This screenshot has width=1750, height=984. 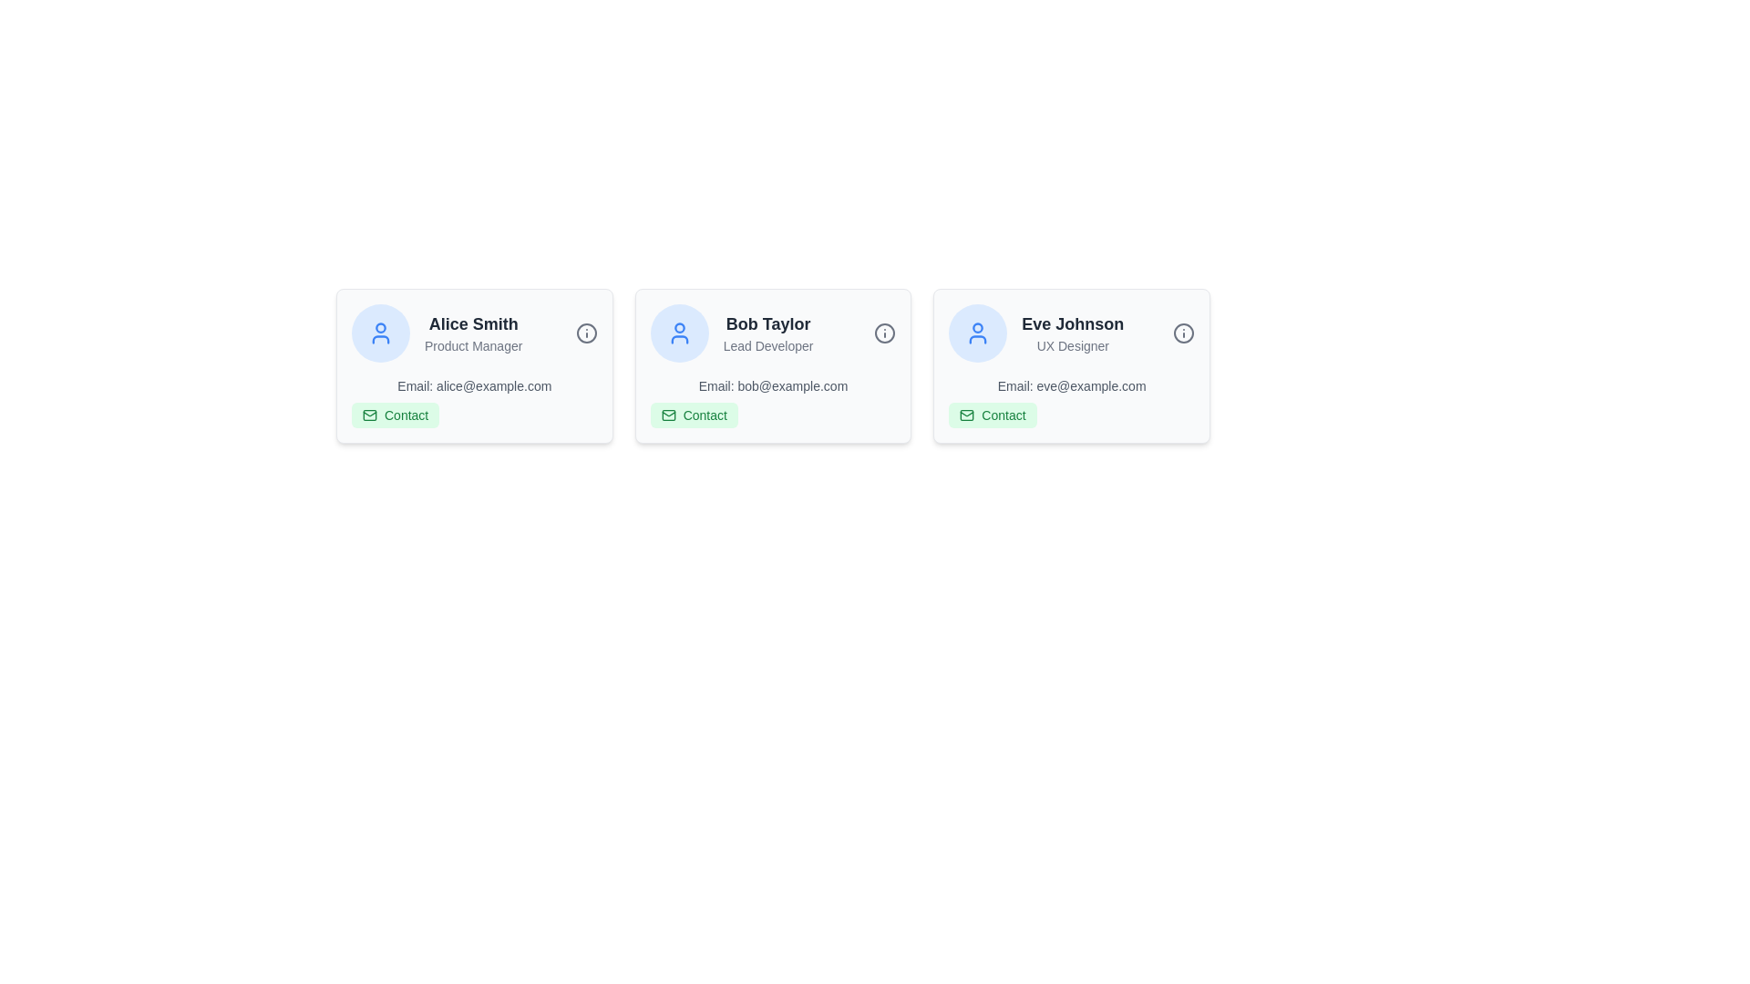 What do you see at coordinates (1073, 346) in the screenshot?
I see `the text label reading 'UX Designer' that is styled in a smaller font size and lighter gray color, located below the name 'Eve Johnson' in the user profile panel` at bounding box center [1073, 346].